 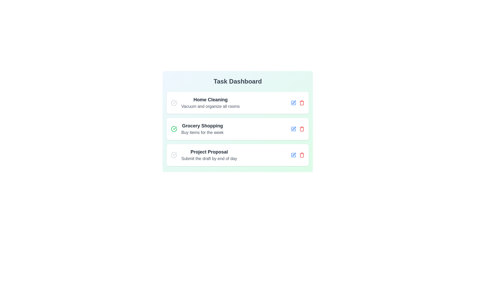 I want to click on trash icon for the task titled Grocery Shopping, so click(x=302, y=129).